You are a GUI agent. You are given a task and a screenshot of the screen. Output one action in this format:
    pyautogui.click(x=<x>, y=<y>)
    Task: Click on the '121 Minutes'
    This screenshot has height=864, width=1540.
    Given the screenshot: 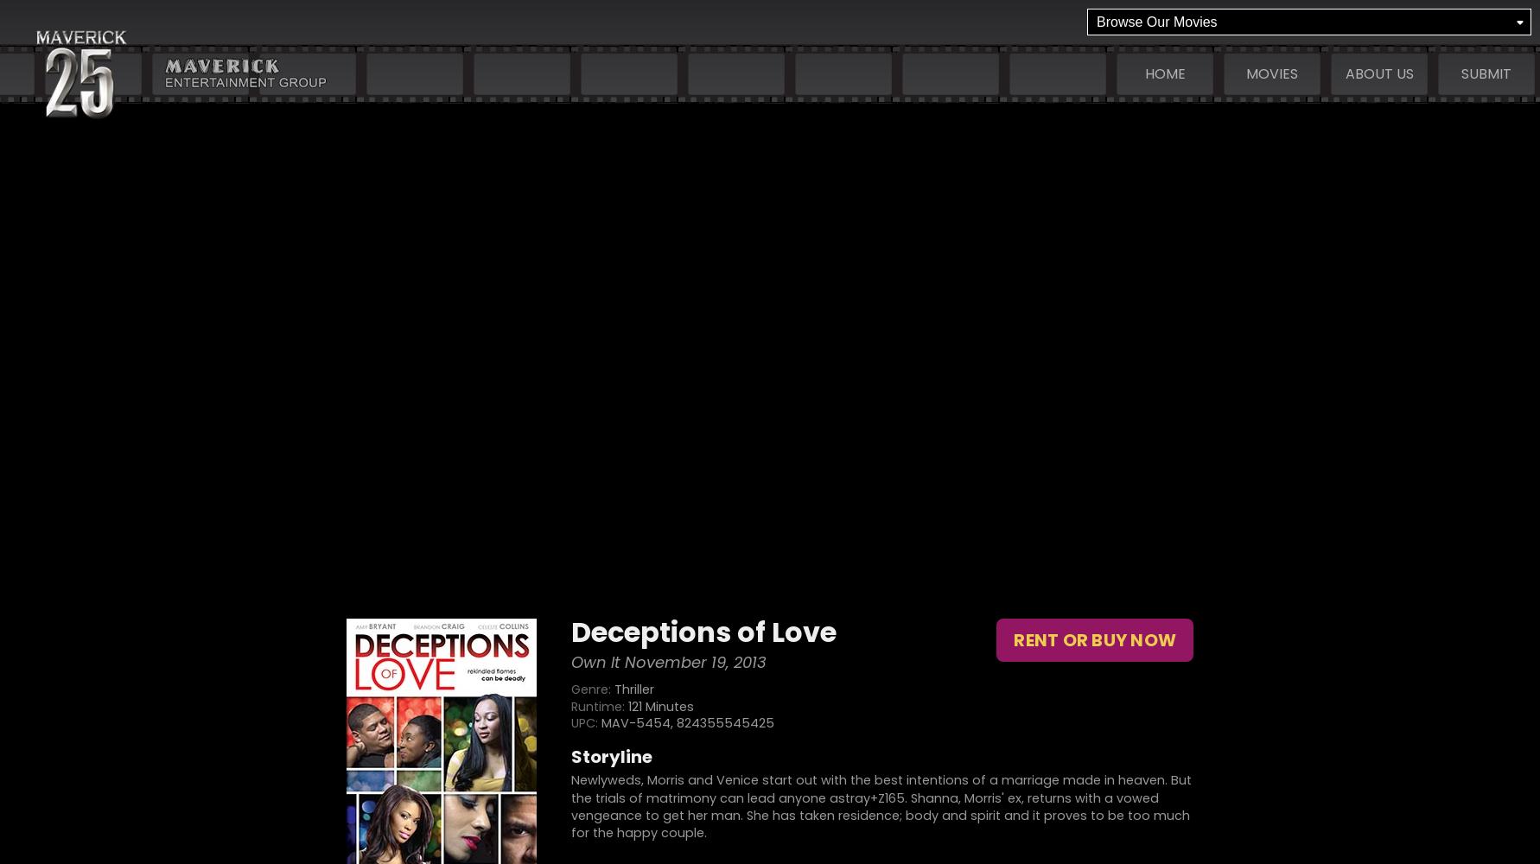 What is the action you would take?
    pyautogui.click(x=659, y=705)
    